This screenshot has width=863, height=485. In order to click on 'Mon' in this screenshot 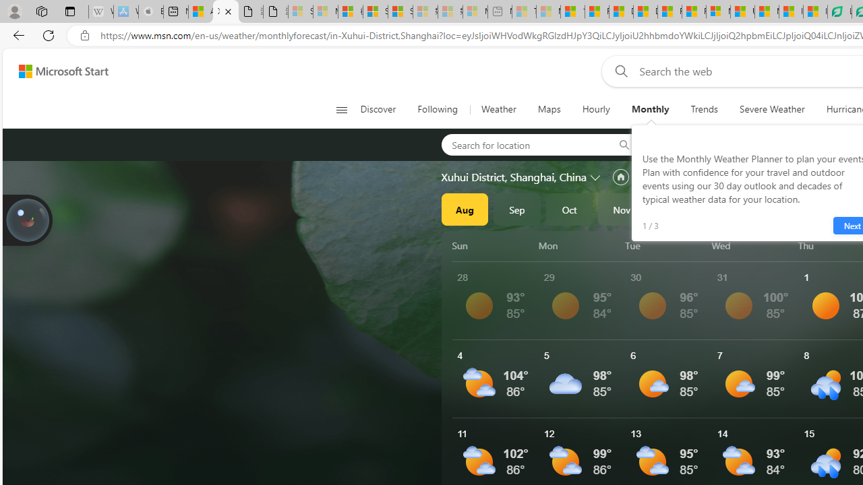, I will do `click(579, 245)`.